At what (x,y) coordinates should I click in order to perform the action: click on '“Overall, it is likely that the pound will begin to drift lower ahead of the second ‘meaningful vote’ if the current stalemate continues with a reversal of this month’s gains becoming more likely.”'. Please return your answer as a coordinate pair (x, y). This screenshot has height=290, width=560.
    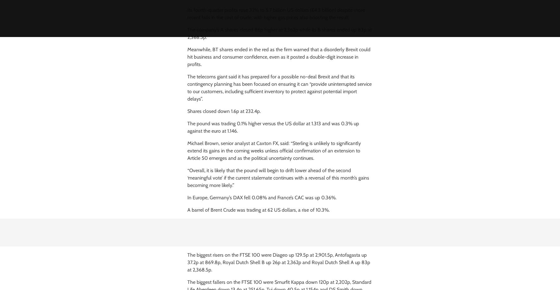
    Looking at the image, I should click on (278, 178).